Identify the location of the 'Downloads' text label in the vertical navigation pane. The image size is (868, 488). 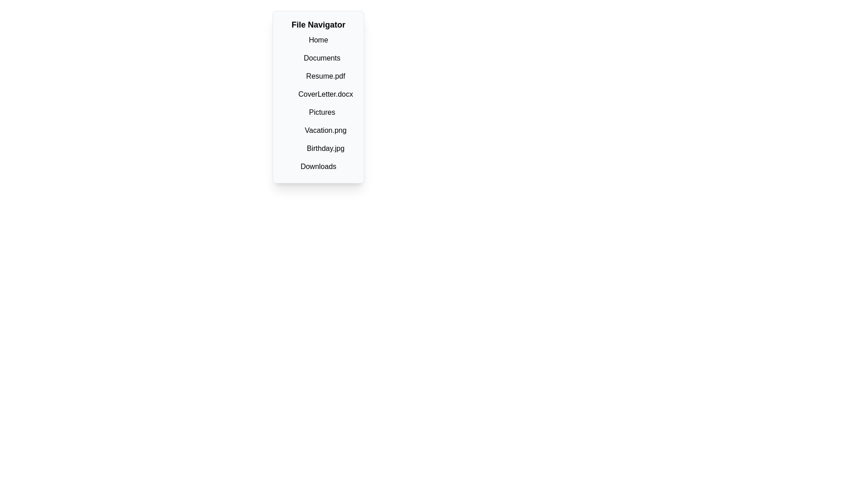
(318, 166).